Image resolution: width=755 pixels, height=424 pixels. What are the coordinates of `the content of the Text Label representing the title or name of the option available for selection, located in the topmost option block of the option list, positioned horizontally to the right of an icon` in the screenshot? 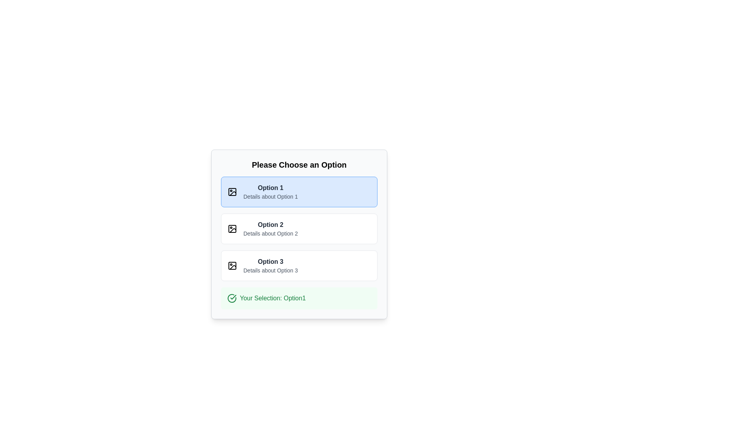 It's located at (271, 188).